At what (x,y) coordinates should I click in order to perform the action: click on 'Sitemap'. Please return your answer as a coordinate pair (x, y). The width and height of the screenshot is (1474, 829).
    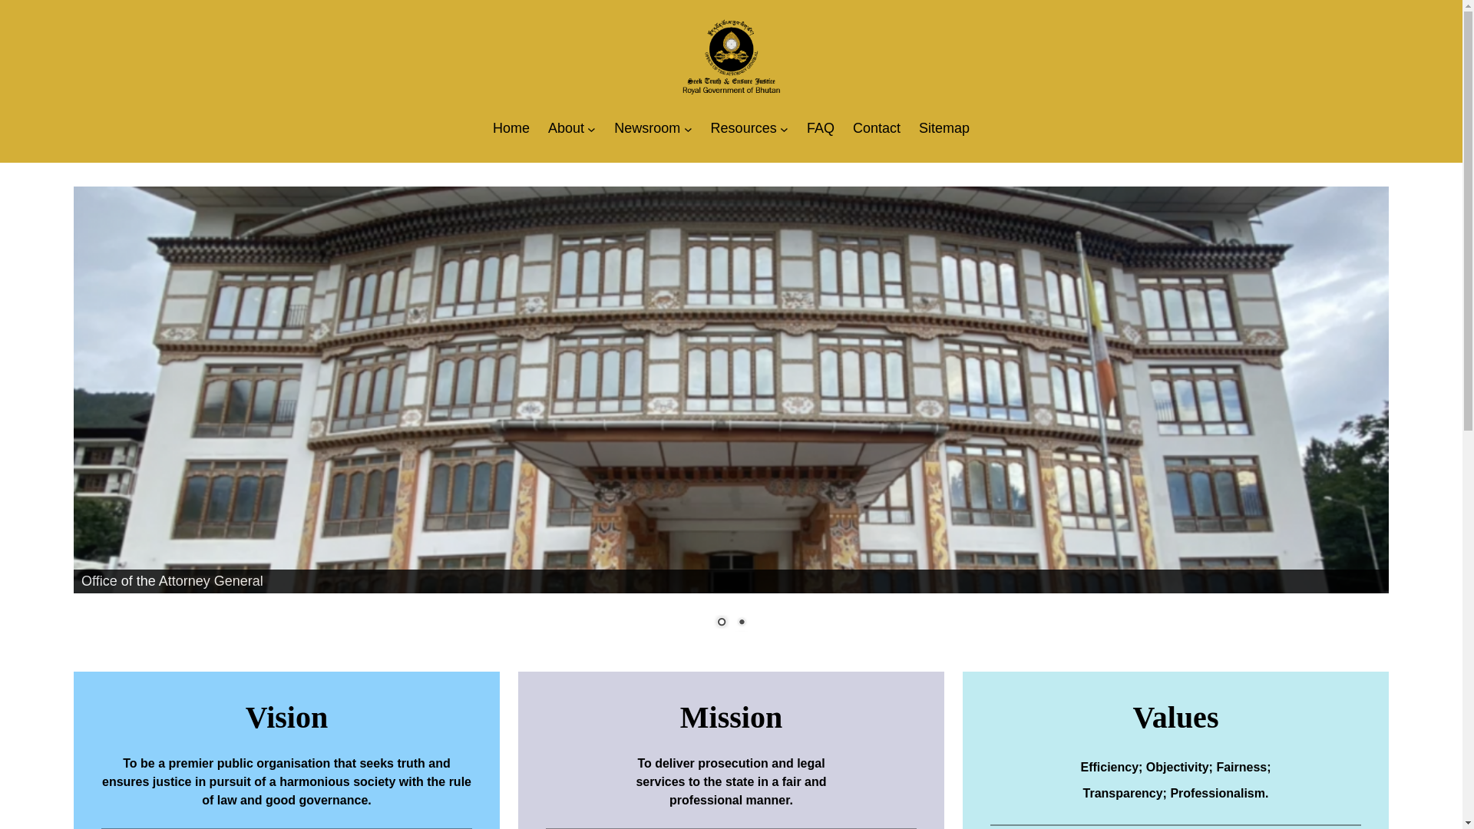
    Looking at the image, I should click on (943, 128).